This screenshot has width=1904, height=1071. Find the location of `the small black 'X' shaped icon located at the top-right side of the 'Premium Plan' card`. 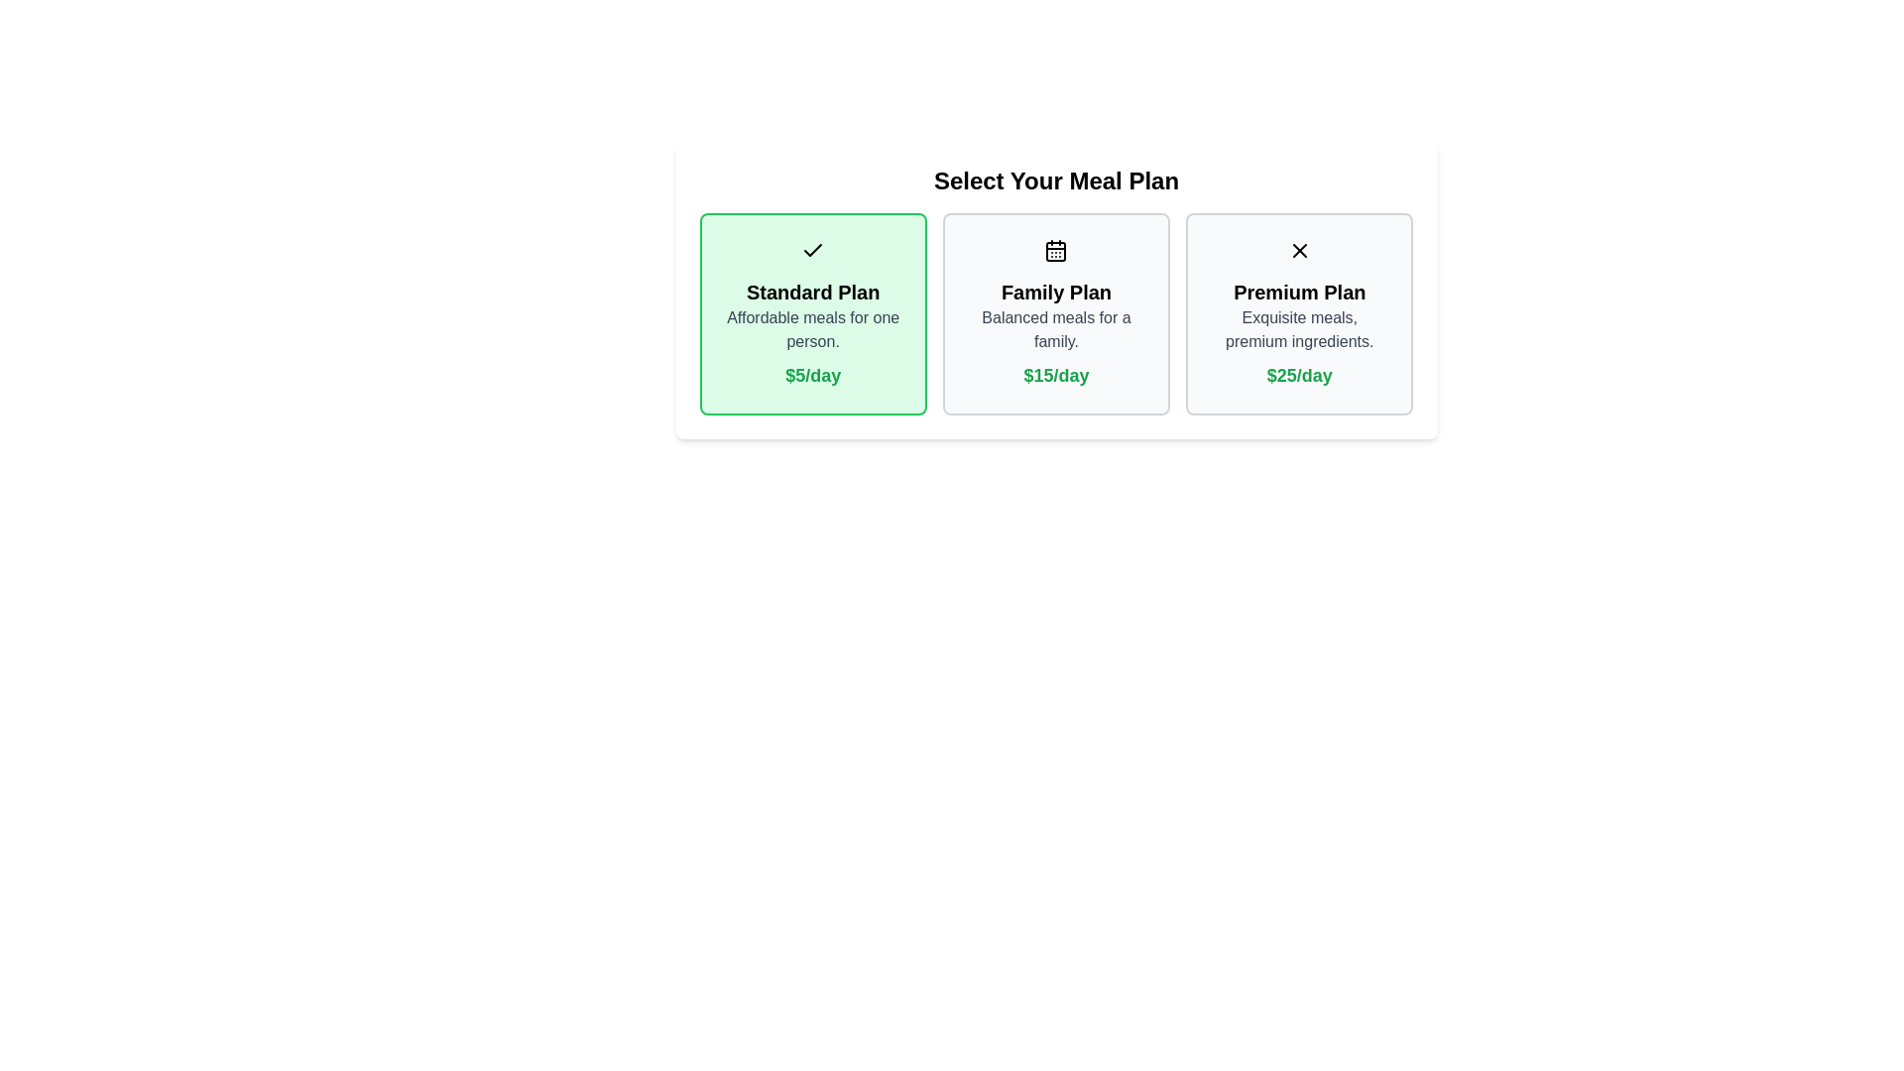

the small black 'X' shaped icon located at the top-right side of the 'Premium Plan' card is located at coordinates (1299, 250).